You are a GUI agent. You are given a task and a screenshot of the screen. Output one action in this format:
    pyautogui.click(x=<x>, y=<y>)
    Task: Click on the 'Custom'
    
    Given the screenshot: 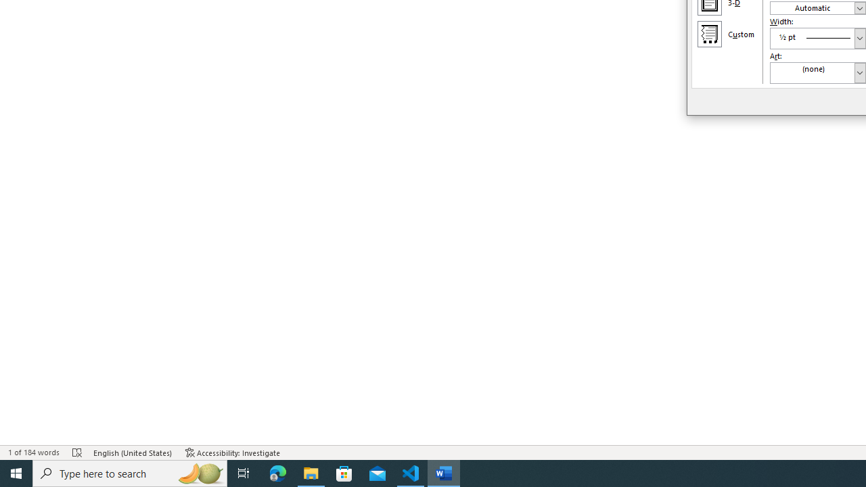 What is the action you would take?
    pyautogui.click(x=708, y=33)
    